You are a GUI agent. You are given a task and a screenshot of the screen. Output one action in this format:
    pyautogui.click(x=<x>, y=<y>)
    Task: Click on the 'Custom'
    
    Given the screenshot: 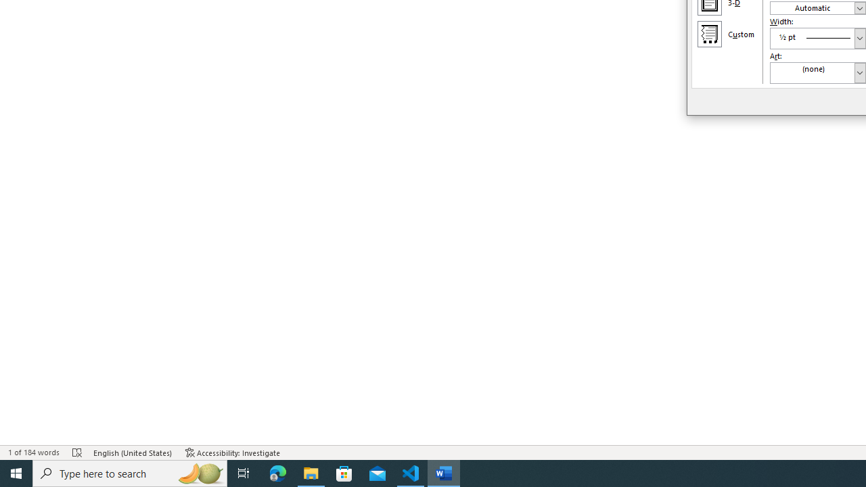 What is the action you would take?
    pyautogui.click(x=708, y=33)
    